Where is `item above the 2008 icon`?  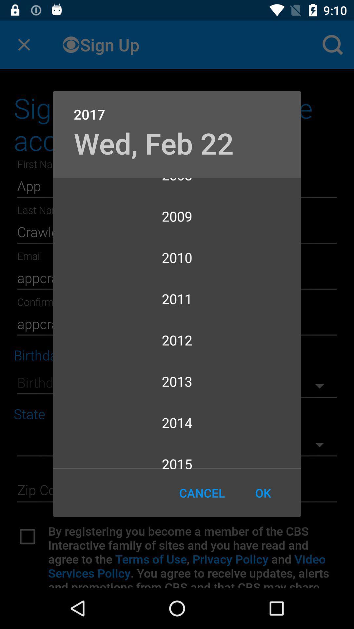 item above the 2008 icon is located at coordinates (154, 143).